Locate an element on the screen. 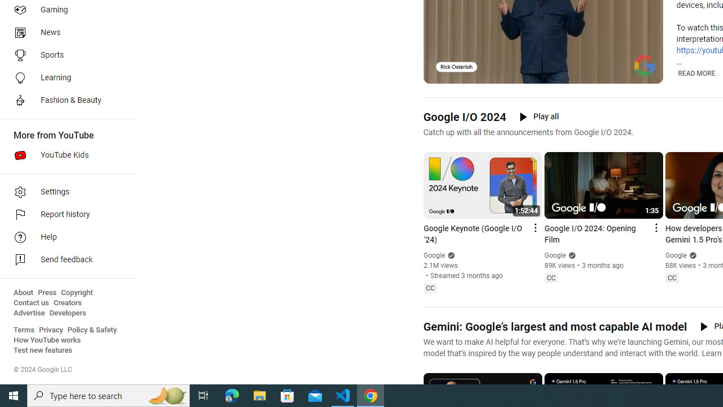 The image size is (723, 407). 'News' is located at coordinates (63, 32).